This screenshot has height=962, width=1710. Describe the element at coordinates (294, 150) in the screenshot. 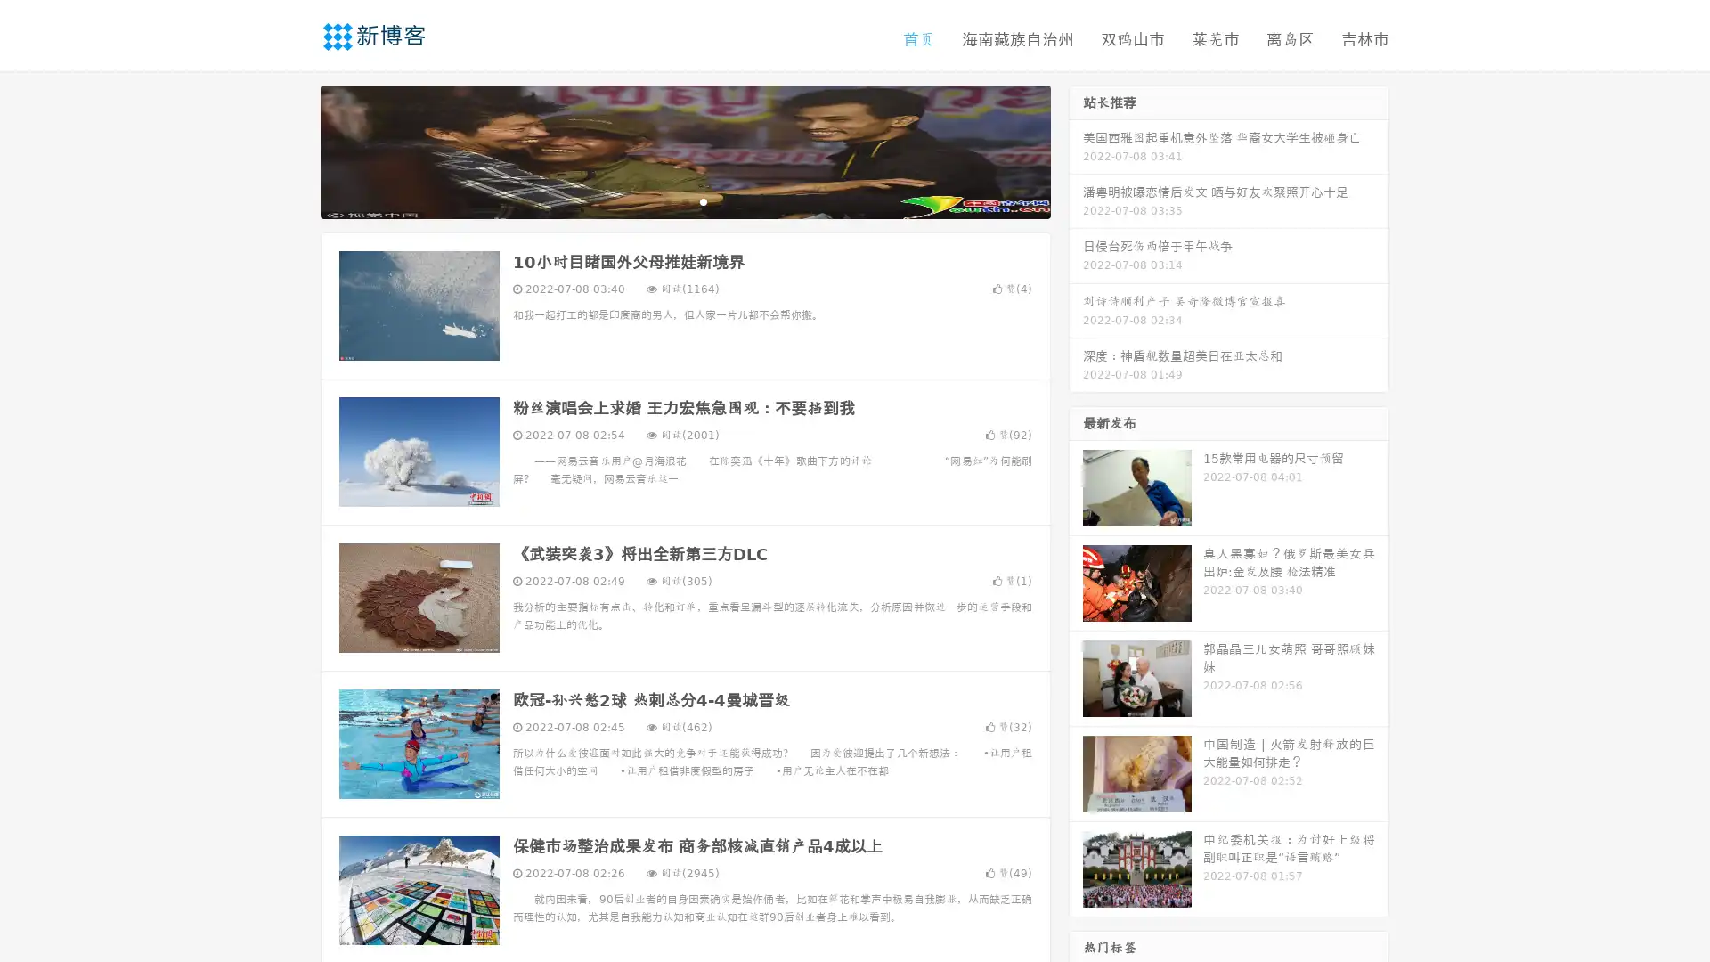

I see `Previous slide` at that location.